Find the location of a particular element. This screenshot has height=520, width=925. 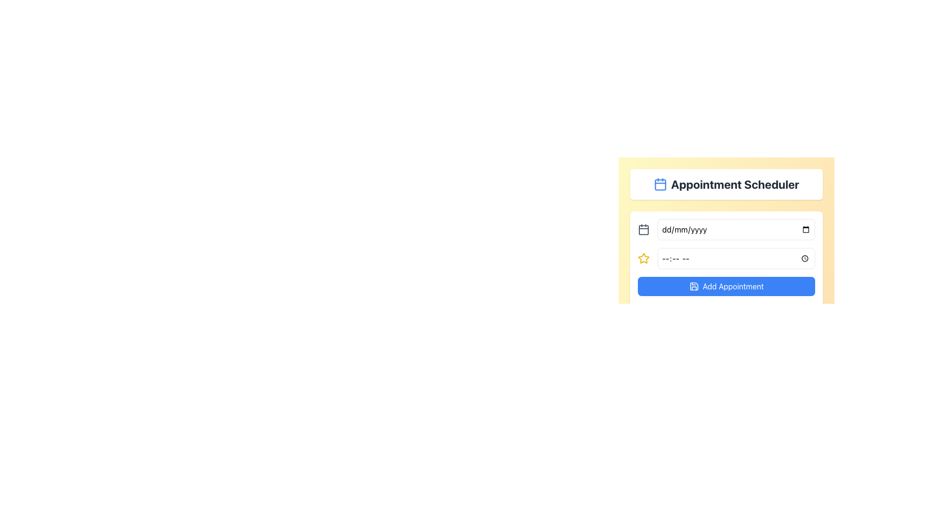

the appointment scheduling section which includes date and time inputs and the 'Add Appointment' button is located at coordinates (726, 261).